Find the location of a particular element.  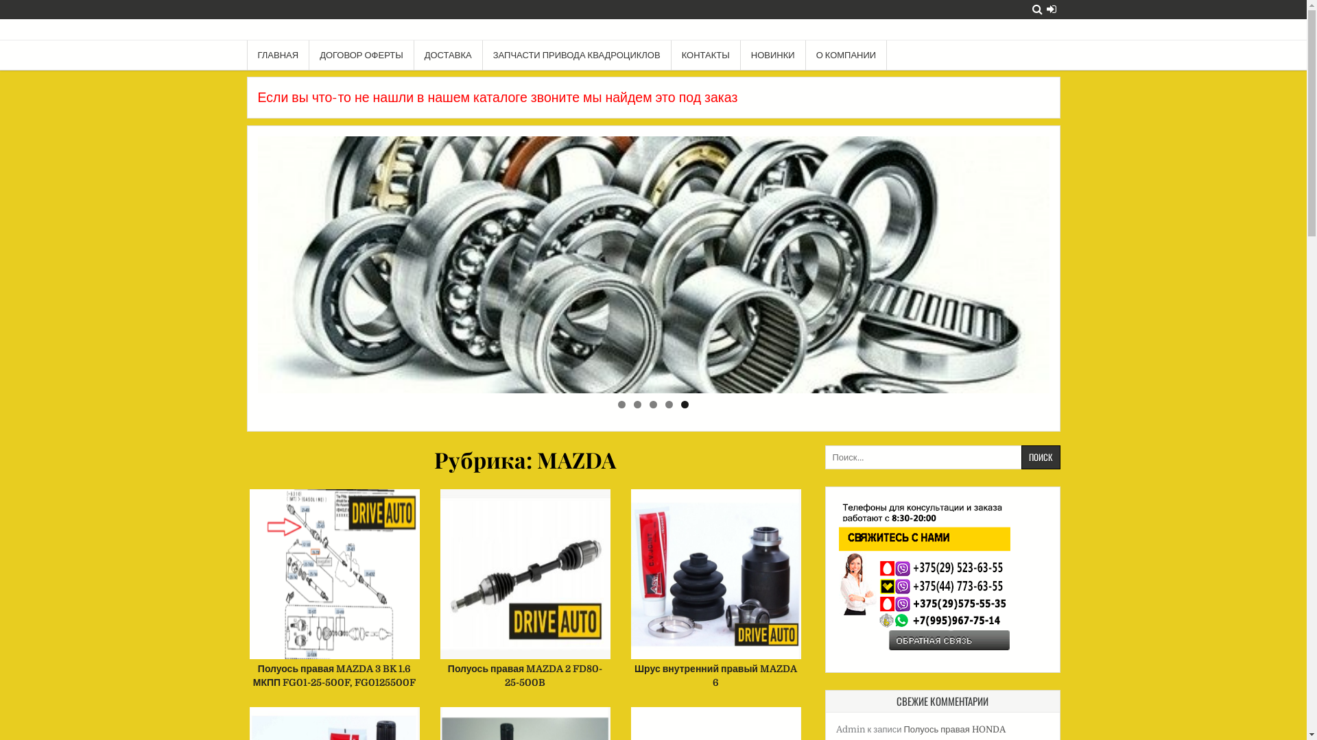

'3' is located at coordinates (652, 404).